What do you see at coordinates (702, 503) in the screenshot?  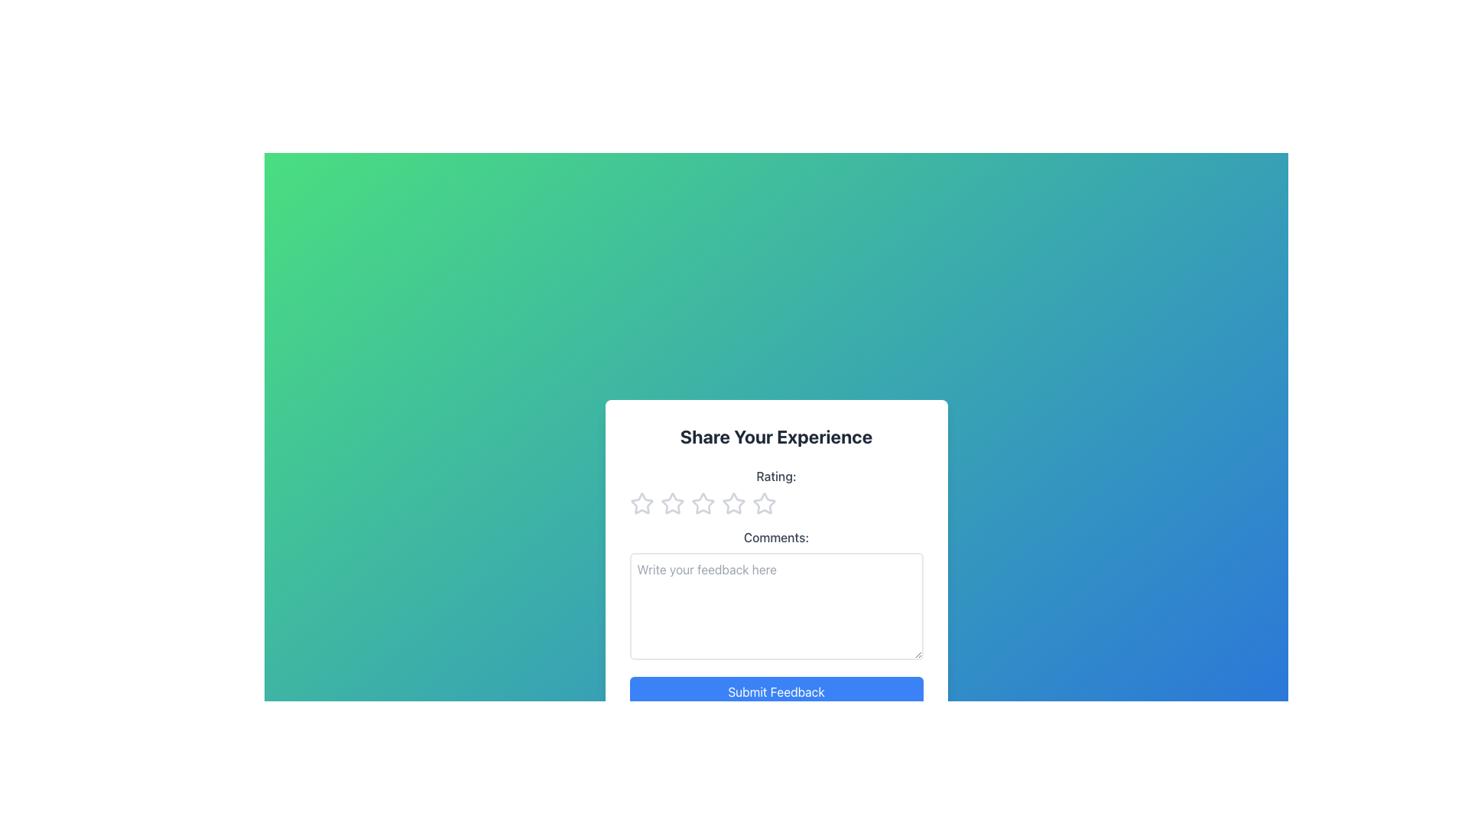 I see `the second star-shaped rating icon in the horizontal row of five stars, which is styled with a hollow outline and light gray coloring, located below the 'Share Your Experience' header` at bounding box center [702, 503].